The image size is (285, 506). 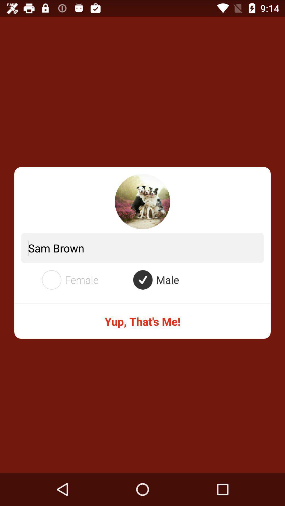 What do you see at coordinates (142, 201) in the screenshot?
I see `the avatar icon` at bounding box center [142, 201].